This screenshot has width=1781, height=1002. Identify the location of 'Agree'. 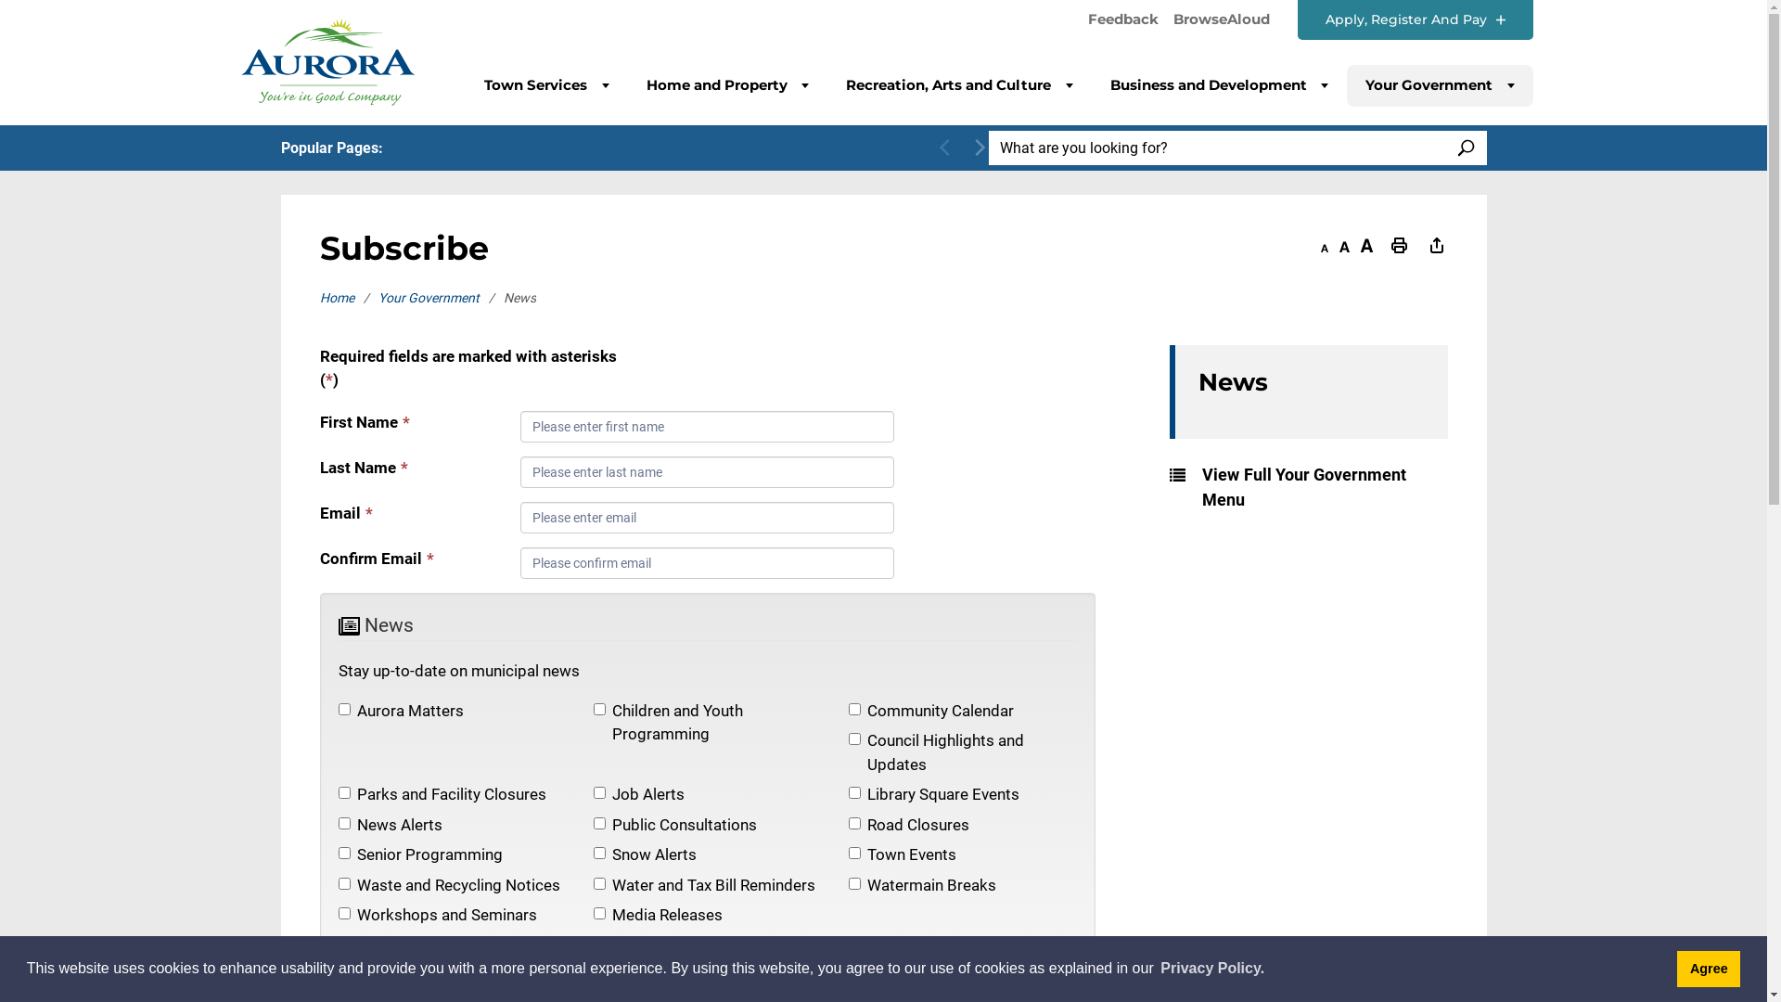
(1708, 968).